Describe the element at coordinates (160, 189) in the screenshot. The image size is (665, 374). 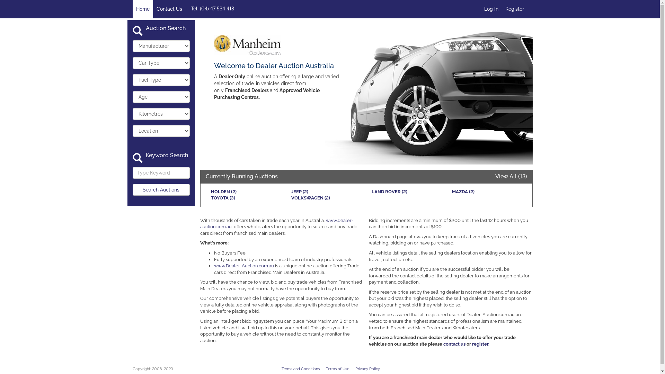
I see `'Search Auctions'` at that location.